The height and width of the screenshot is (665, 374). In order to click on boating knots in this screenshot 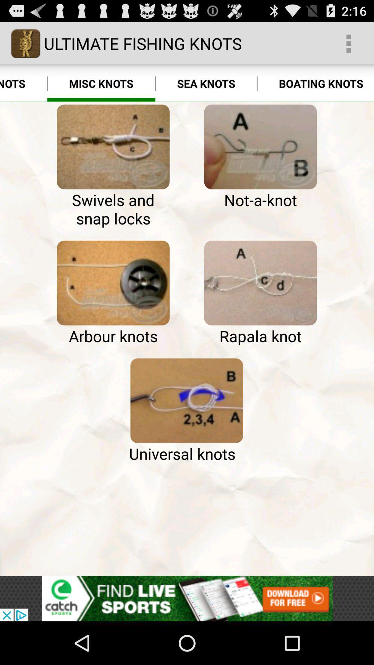, I will do `click(315, 83)`.